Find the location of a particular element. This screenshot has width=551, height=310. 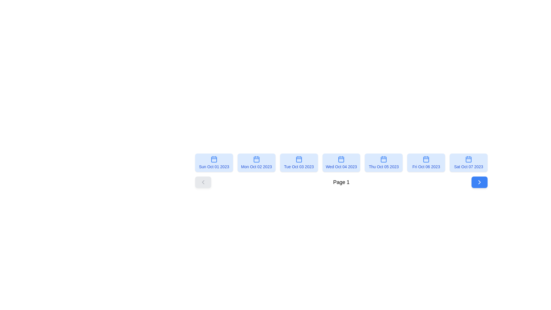

text displayed in the Text Display element which shows 'Page 1' is located at coordinates (341, 182).